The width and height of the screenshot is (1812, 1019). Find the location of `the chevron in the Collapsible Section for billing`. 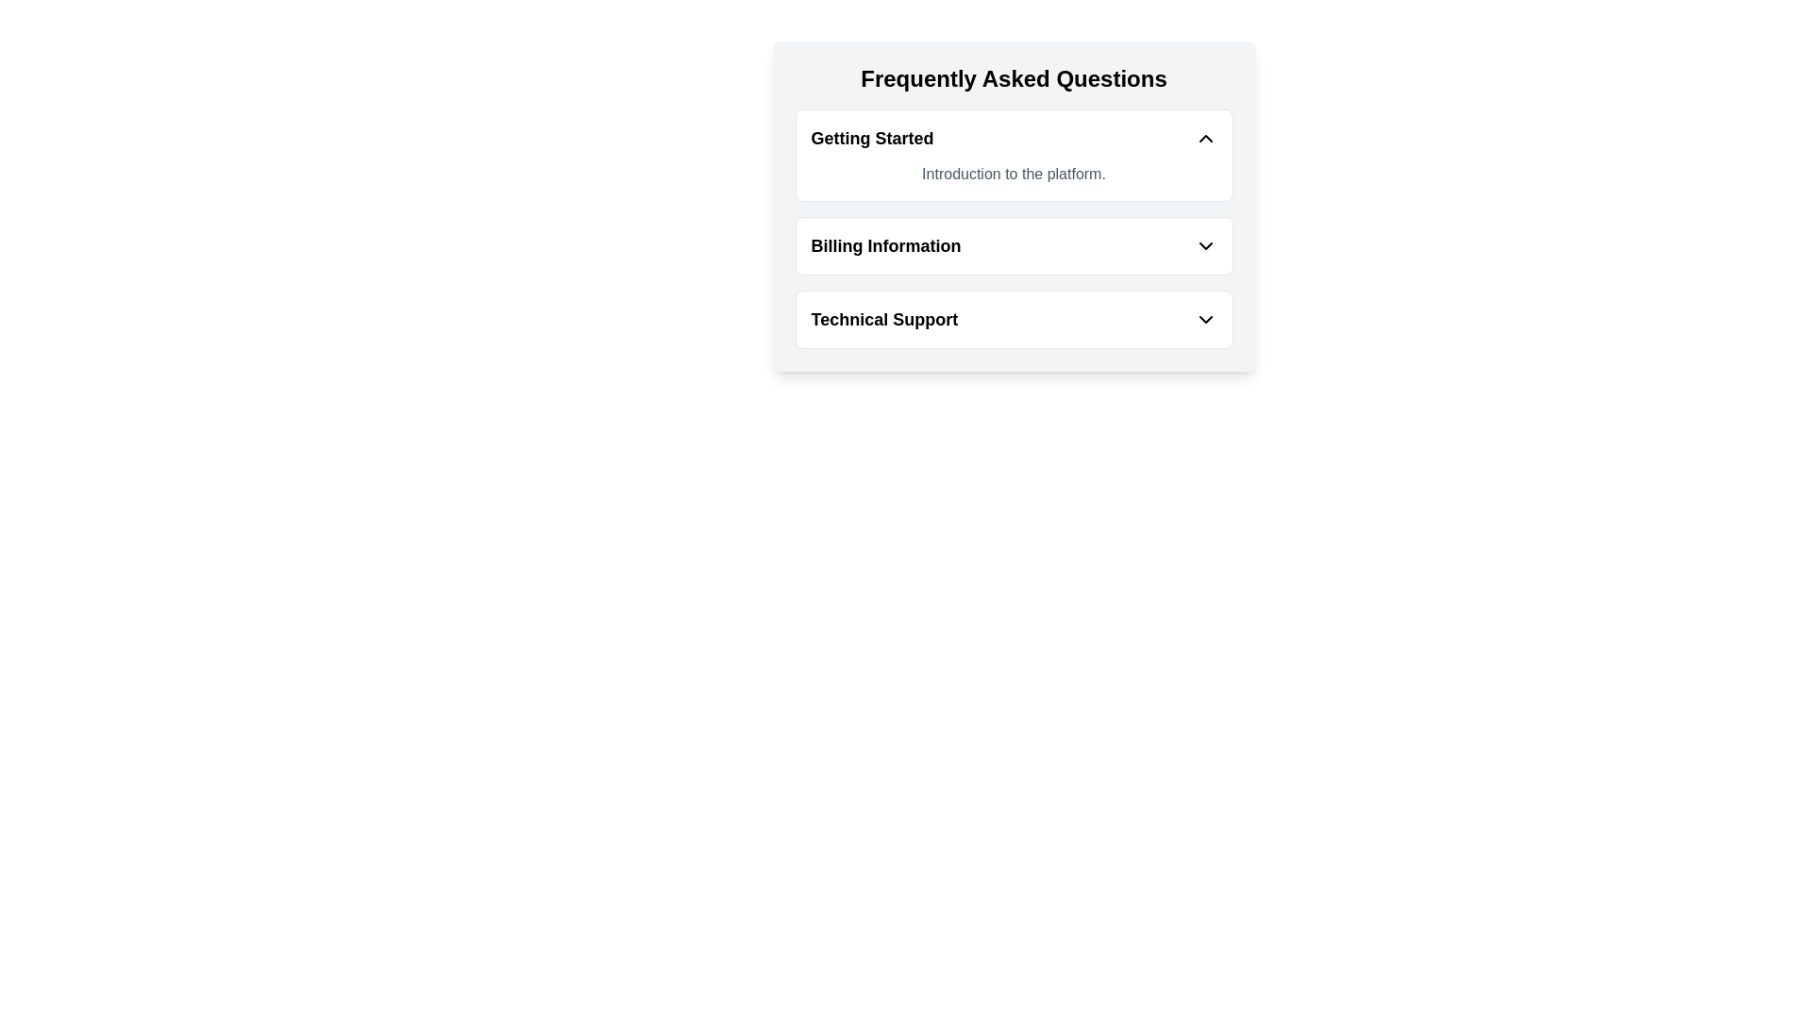

the chevron in the Collapsible Section for billing is located at coordinates (1013, 228).